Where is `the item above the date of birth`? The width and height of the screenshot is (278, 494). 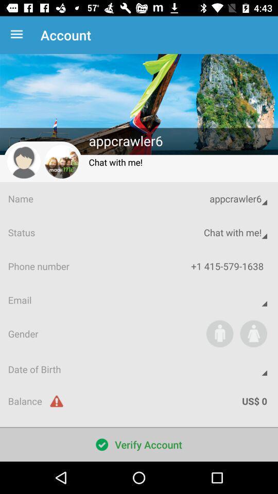 the item above the date of birth is located at coordinates (253, 333).